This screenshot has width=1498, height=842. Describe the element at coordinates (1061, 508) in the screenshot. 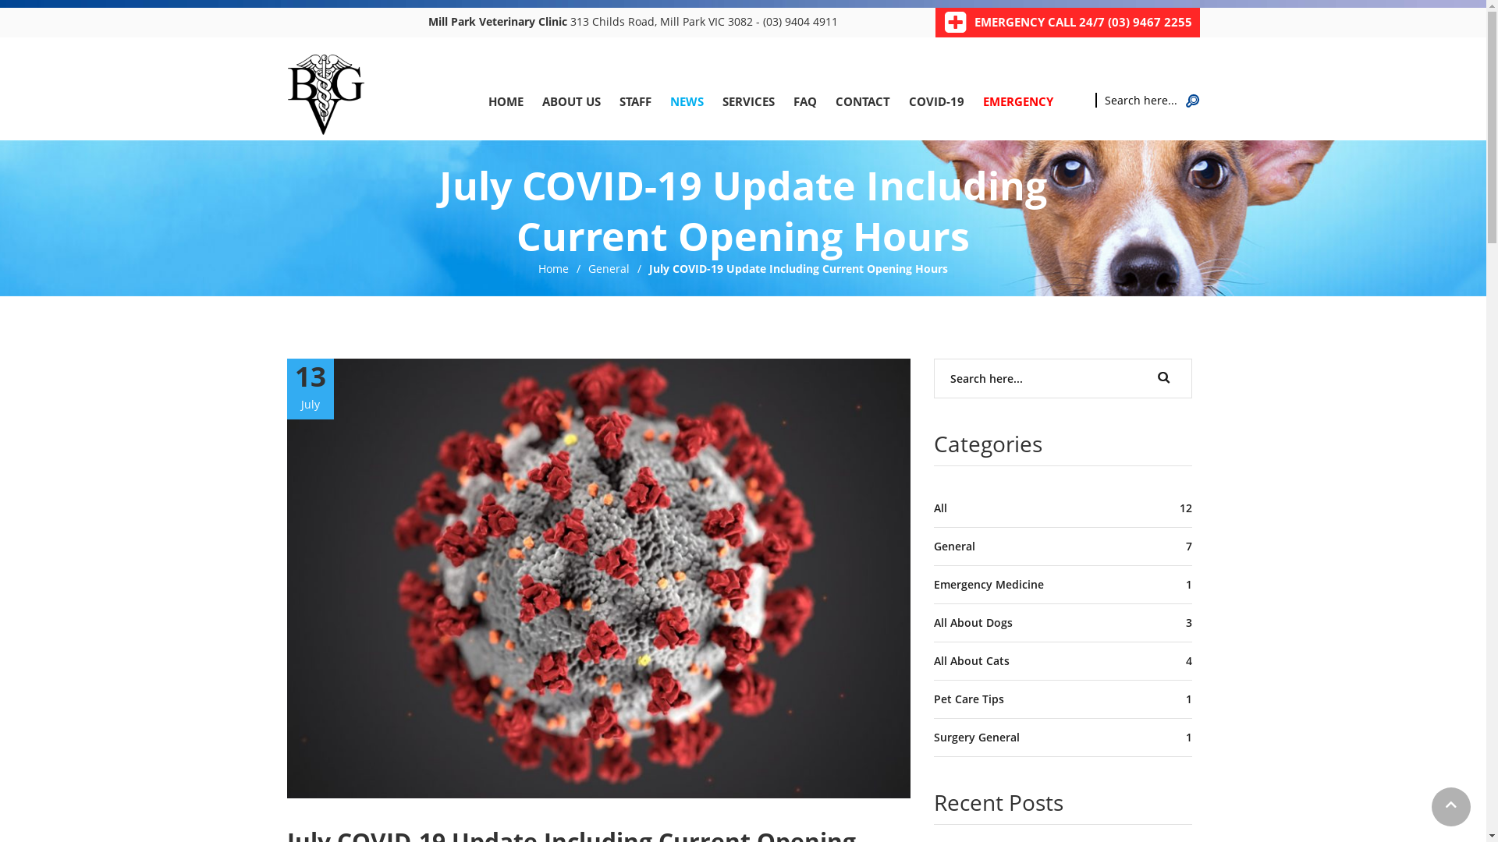

I see `'All` at that location.